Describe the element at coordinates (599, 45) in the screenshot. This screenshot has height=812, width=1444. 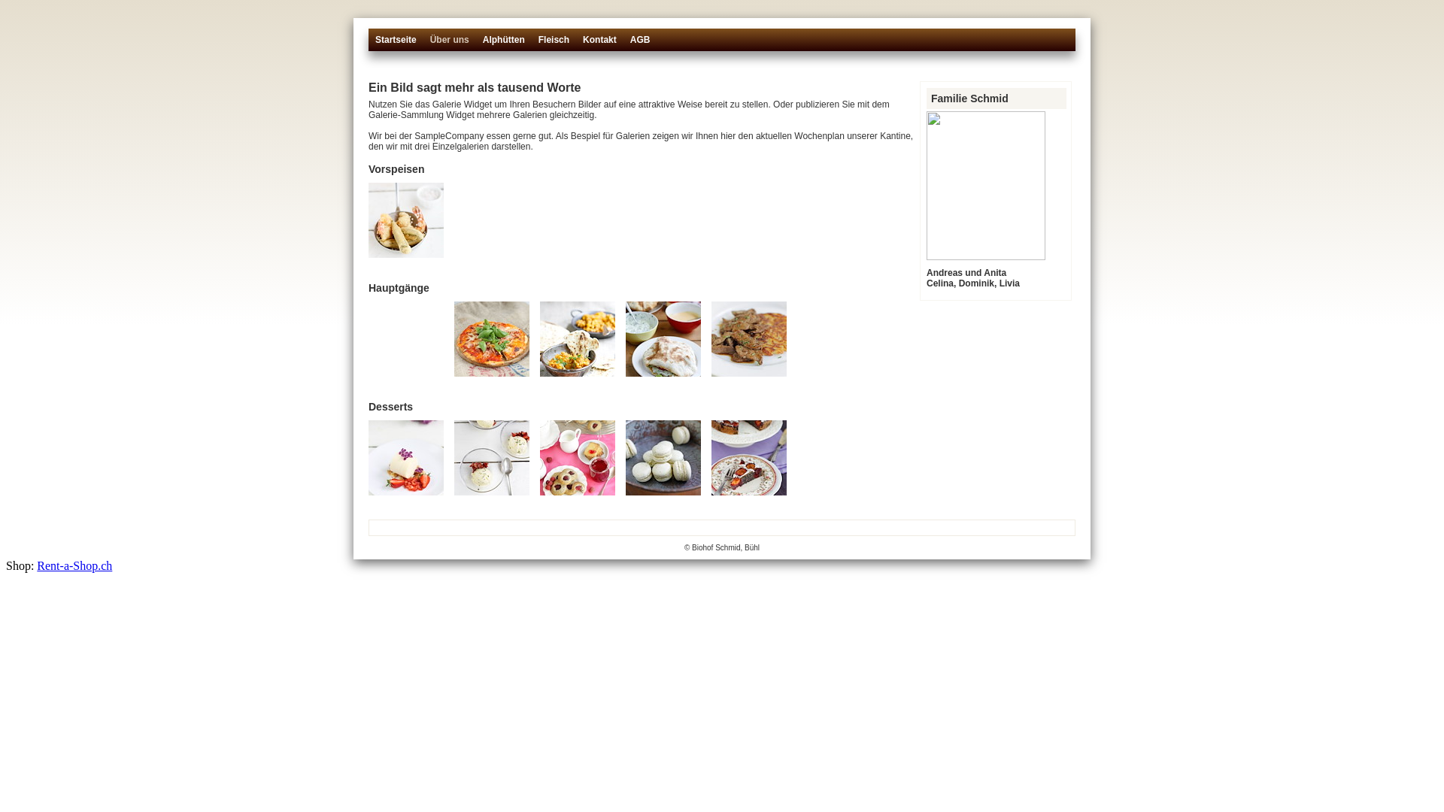
I see `'Kontakt'` at that location.